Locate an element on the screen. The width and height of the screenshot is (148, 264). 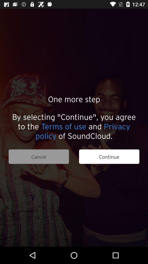
icon on the left is located at coordinates (38, 156).